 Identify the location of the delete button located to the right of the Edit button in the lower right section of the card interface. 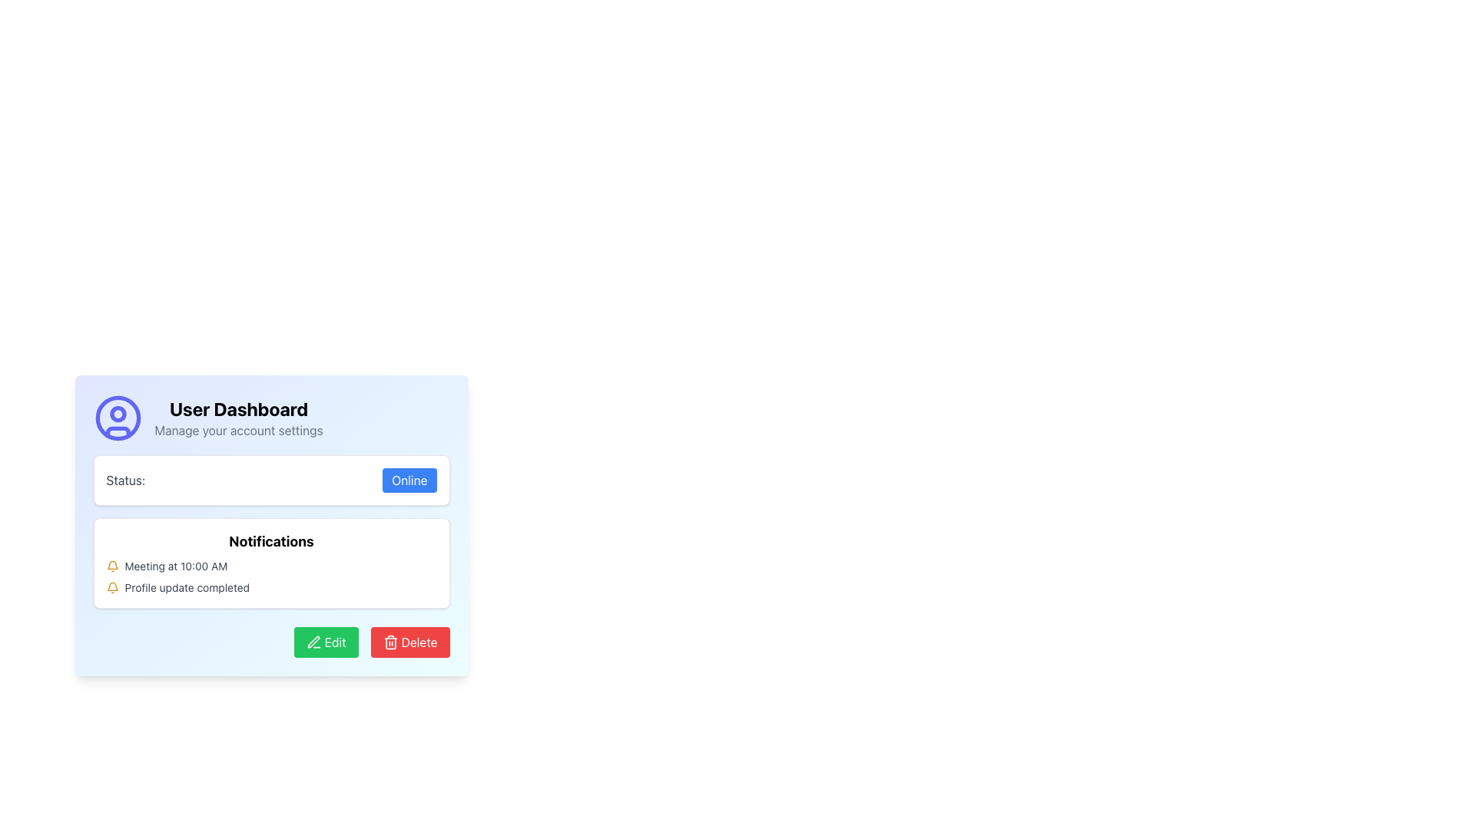
(409, 642).